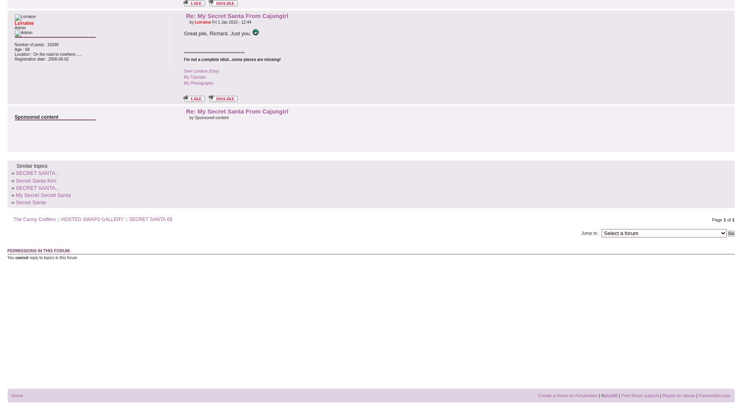 The height and width of the screenshot is (414, 742). What do you see at coordinates (214, 53) in the screenshot?
I see `'***************************************'` at bounding box center [214, 53].